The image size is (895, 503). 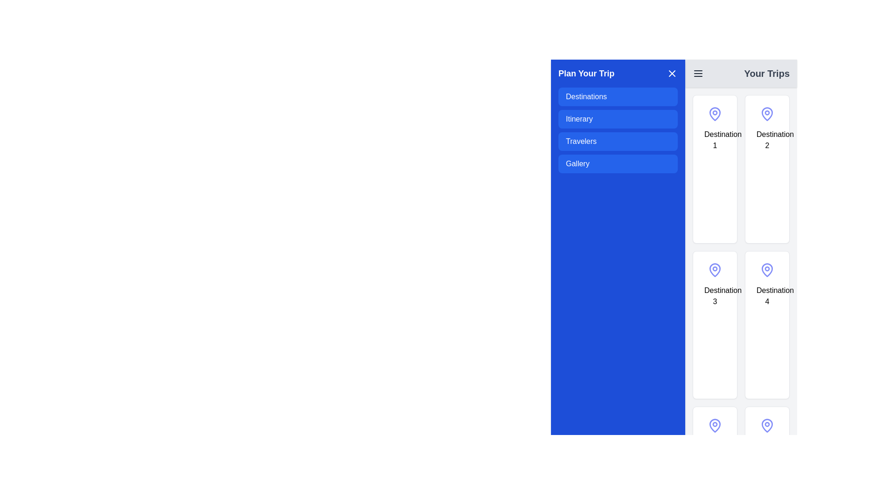 What do you see at coordinates (767, 140) in the screenshot?
I see `text label 'Destination 2' which is located centrally at the bottom of the second card in the 'Your Trips' section` at bounding box center [767, 140].